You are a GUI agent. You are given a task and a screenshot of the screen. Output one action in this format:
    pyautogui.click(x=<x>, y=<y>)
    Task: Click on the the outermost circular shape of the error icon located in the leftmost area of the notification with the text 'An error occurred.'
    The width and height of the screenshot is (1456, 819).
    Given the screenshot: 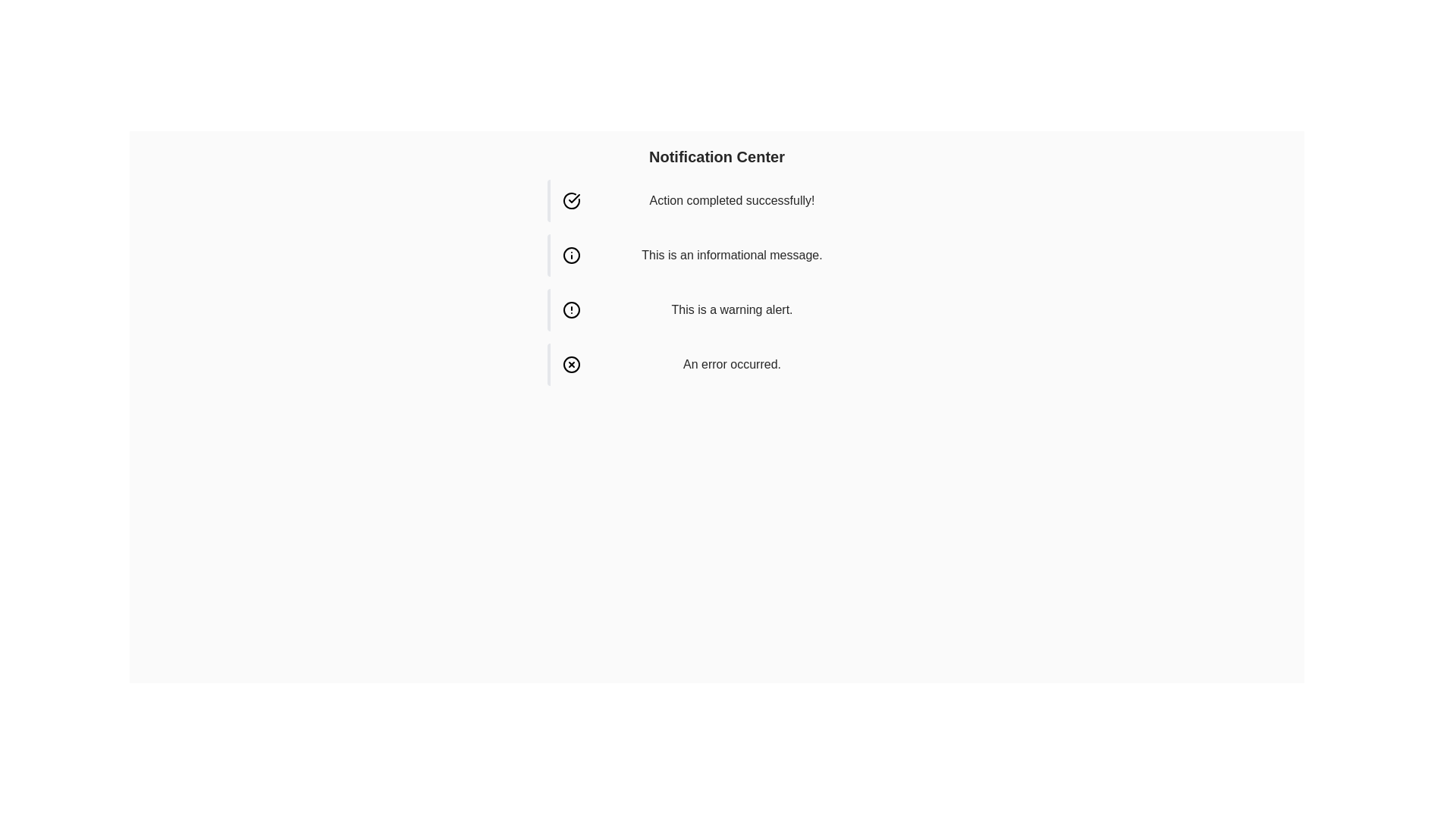 What is the action you would take?
    pyautogui.click(x=570, y=365)
    